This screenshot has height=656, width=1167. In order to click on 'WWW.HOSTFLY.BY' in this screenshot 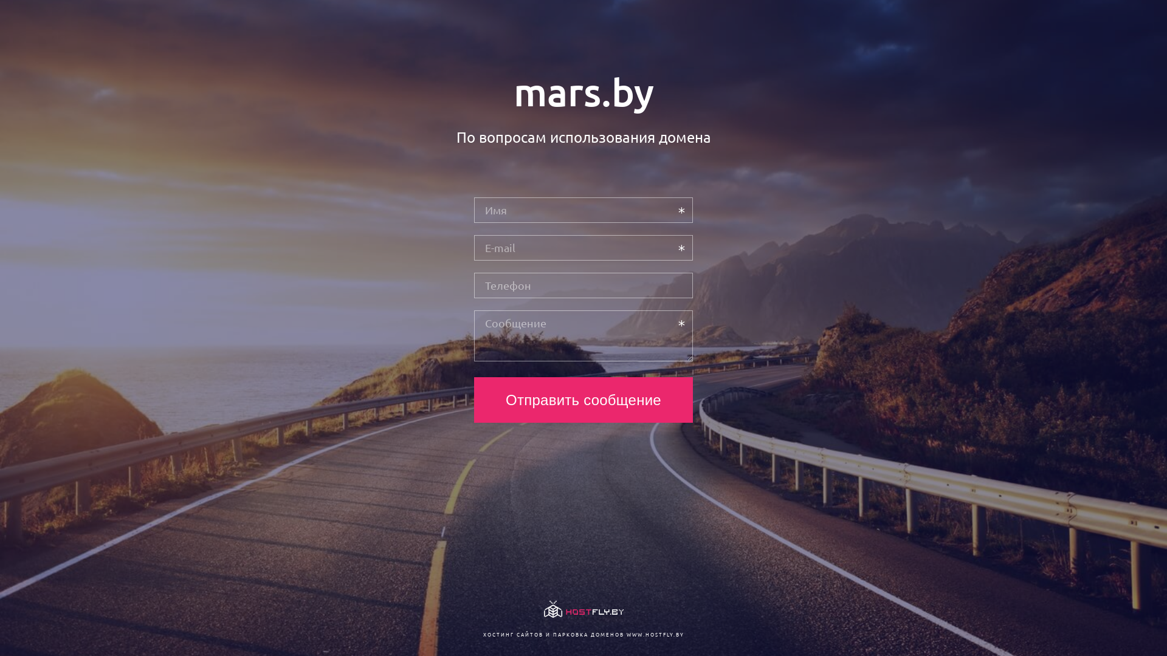, I will do `click(654, 634)`.